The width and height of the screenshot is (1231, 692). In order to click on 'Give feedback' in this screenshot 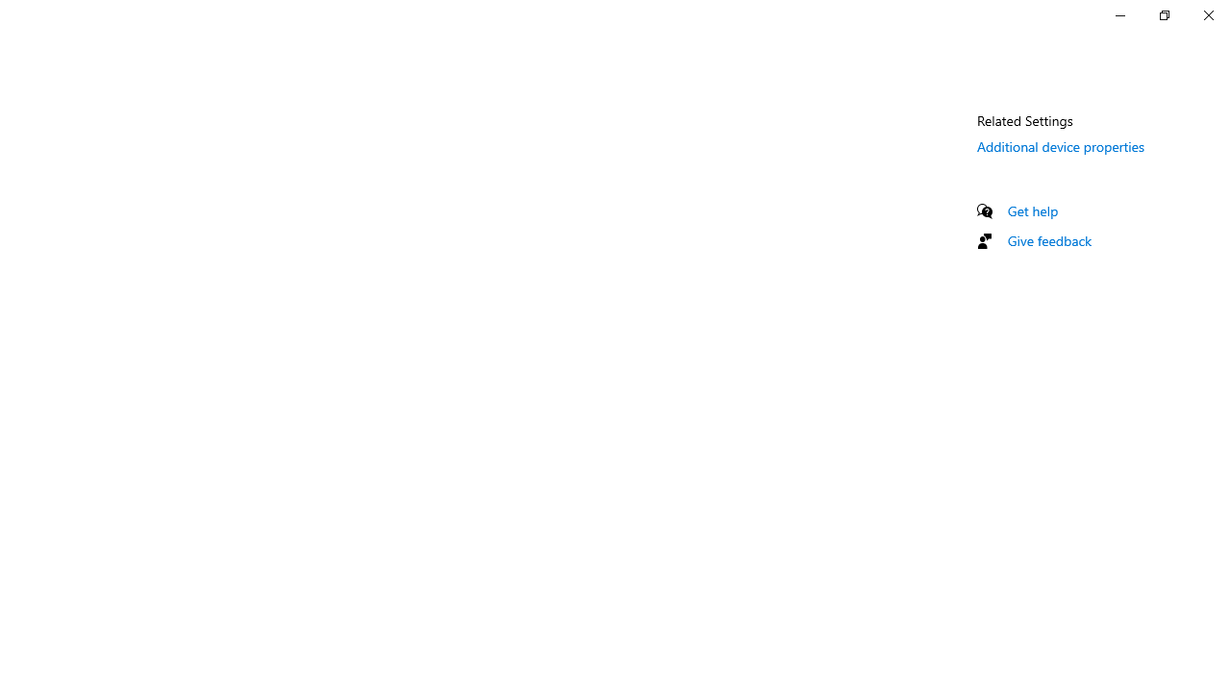, I will do `click(1048, 239)`.